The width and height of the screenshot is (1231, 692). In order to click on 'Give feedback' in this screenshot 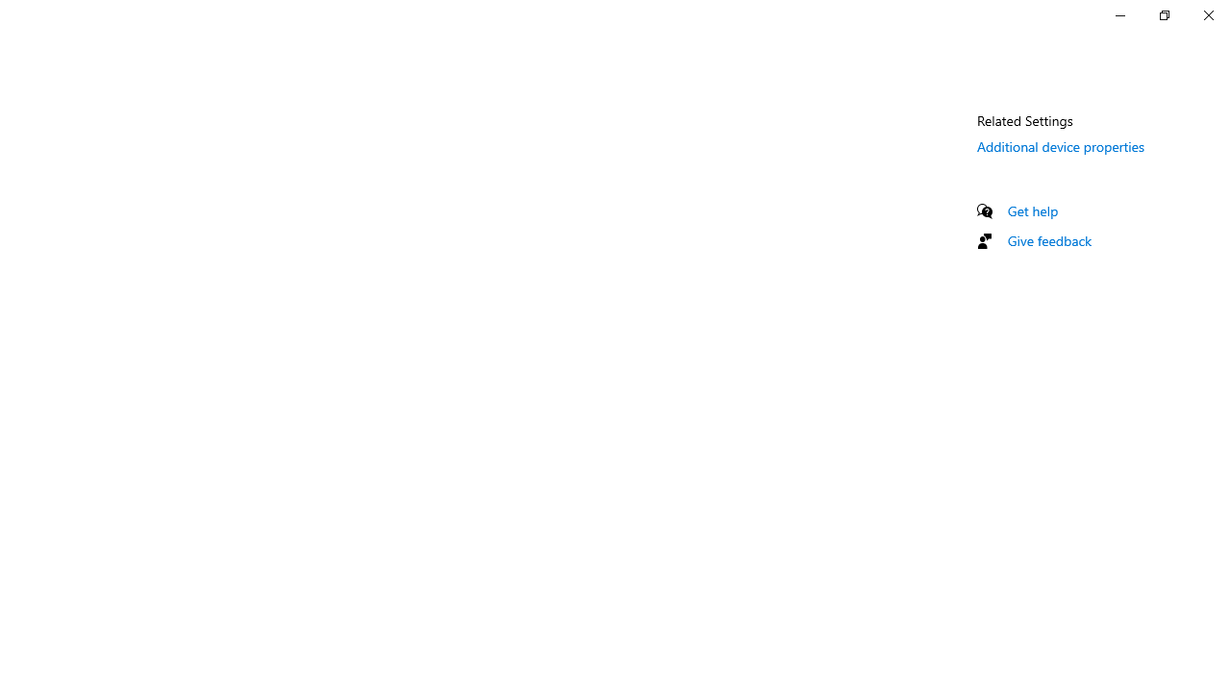, I will do `click(1048, 239)`.